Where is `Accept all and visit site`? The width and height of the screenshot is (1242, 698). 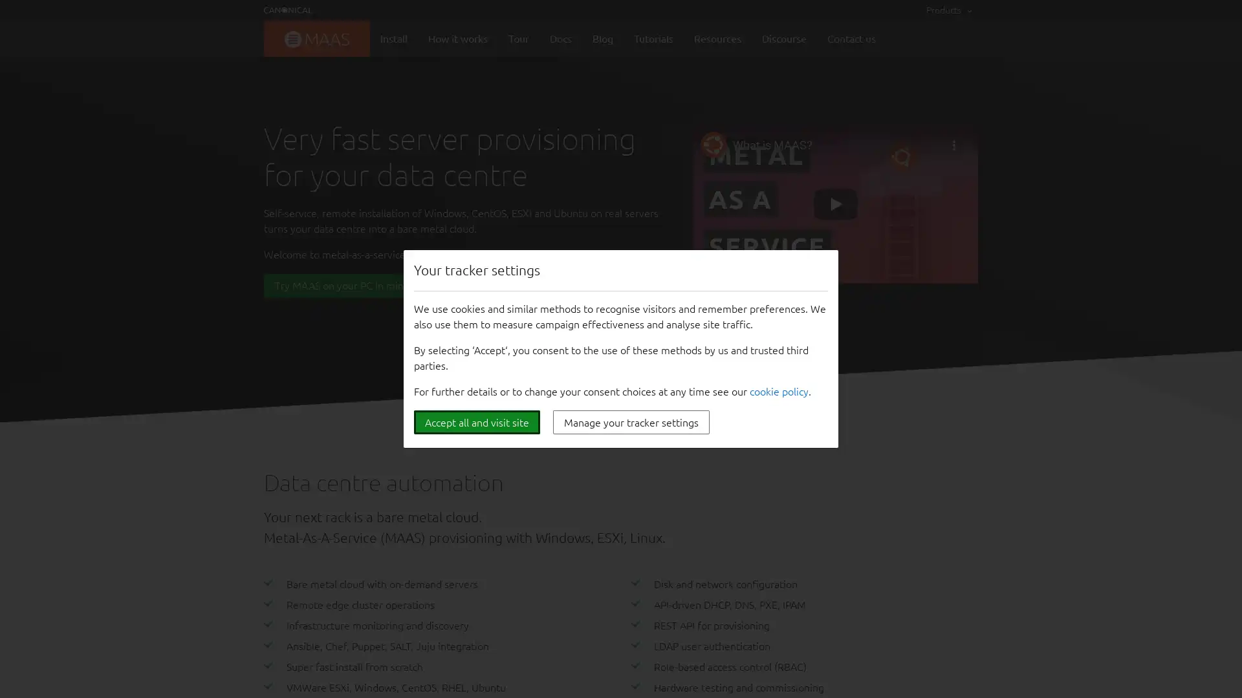
Accept all and visit site is located at coordinates (476, 422).